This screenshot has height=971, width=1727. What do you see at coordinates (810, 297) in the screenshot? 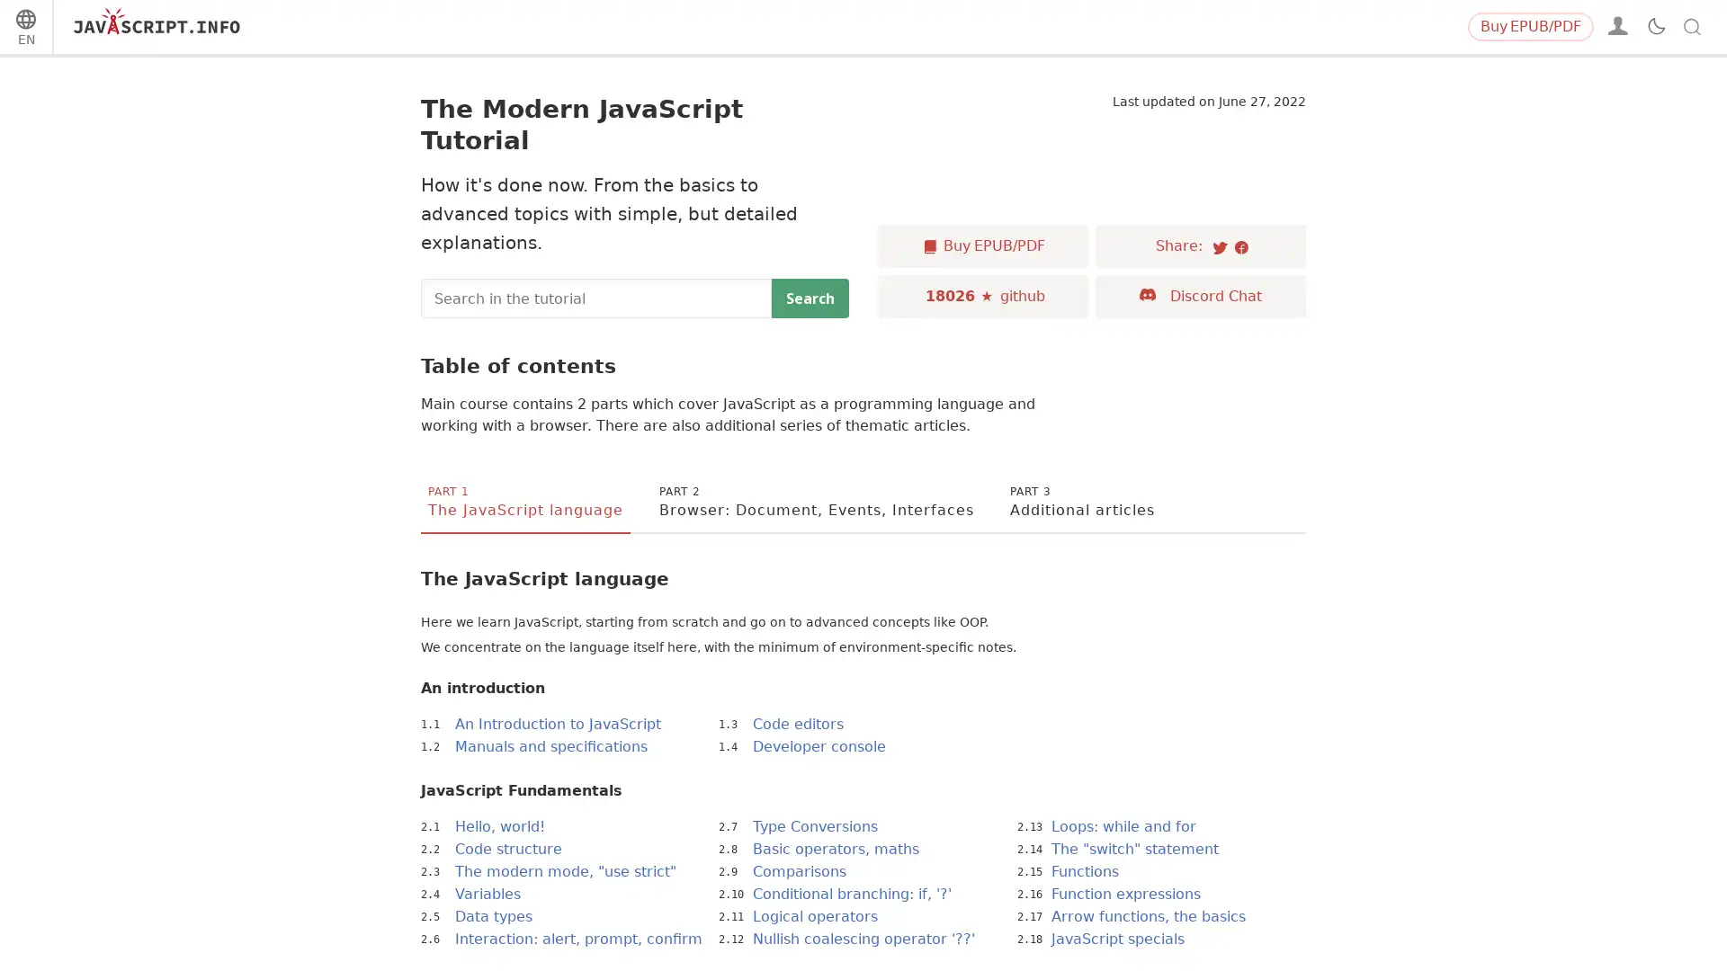
I see `Search` at bounding box center [810, 297].